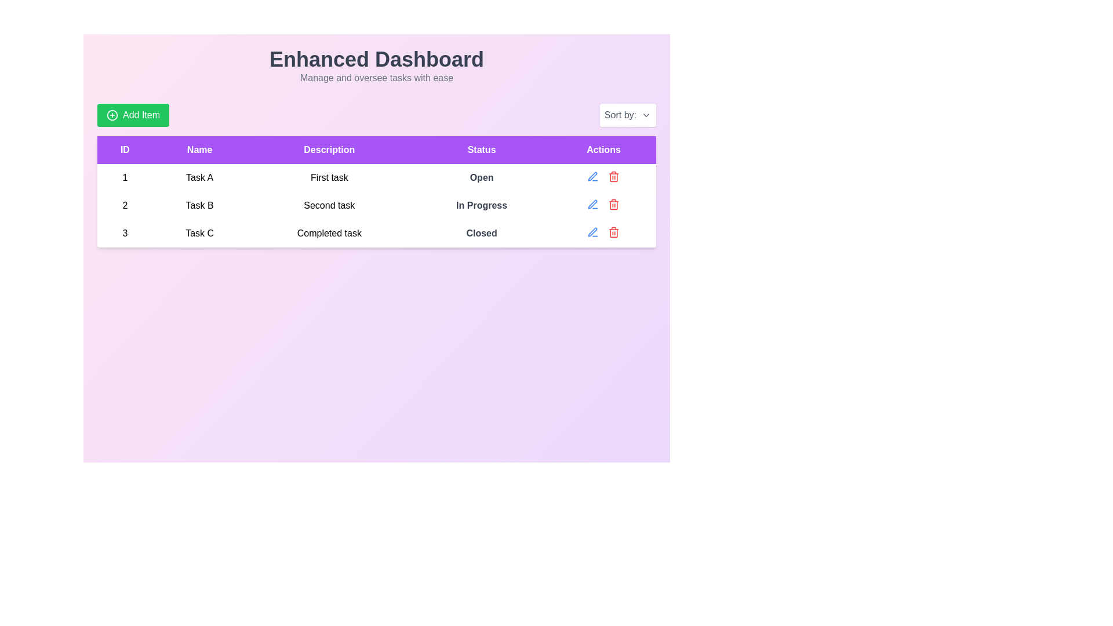 The height and width of the screenshot is (626, 1113). What do you see at coordinates (376, 205) in the screenshot?
I see `the second row in the table containing ID '2', Name 'Task B', Description 'Second task', and Status 'In Progress'` at bounding box center [376, 205].